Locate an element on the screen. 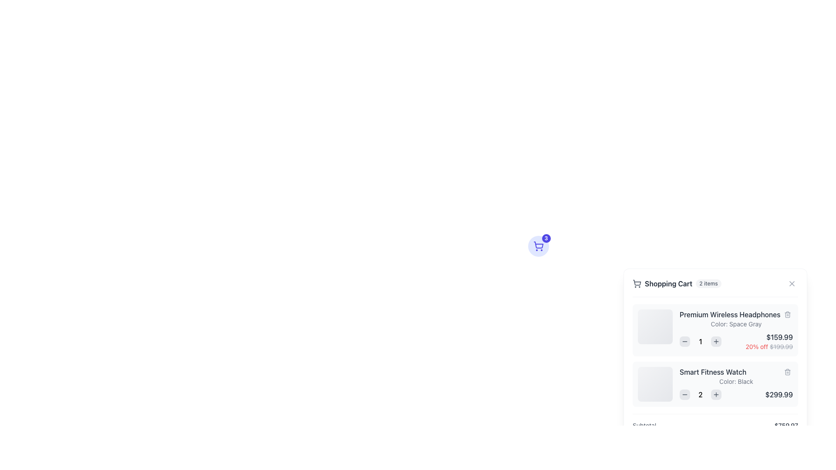  the icon button that decreases the quantity of the 'Smart Fitness Watch' in the shopping cart is located at coordinates (684, 394).